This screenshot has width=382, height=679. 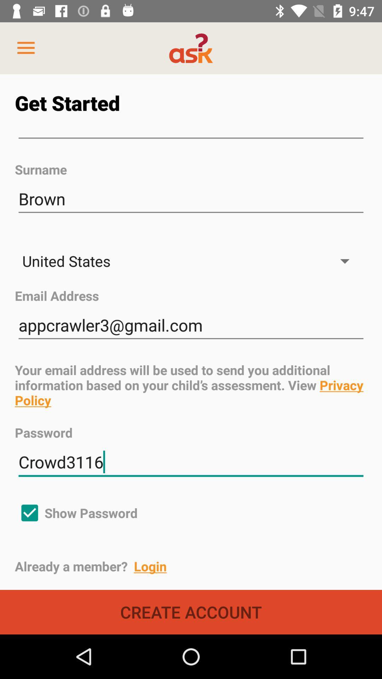 I want to click on the brown icon, so click(x=191, y=199).